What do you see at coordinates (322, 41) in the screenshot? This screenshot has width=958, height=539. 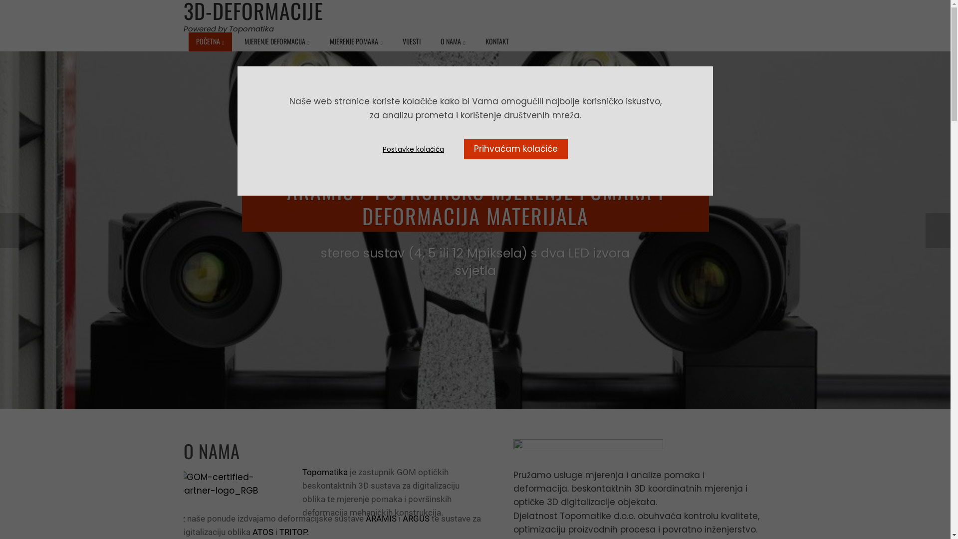 I see `'MJERENJE POMAKA'` at bounding box center [322, 41].